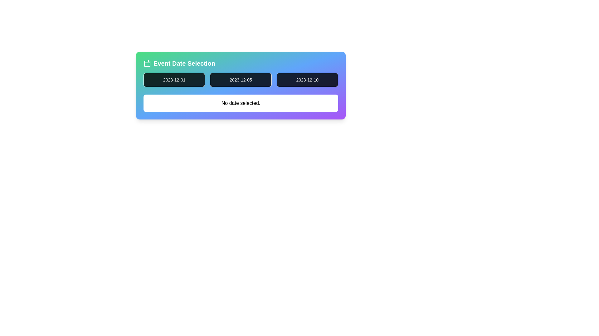 The image size is (599, 336). What do you see at coordinates (307, 80) in the screenshot?
I see `the button displaying '2023-12-10' with a dark background` at bounding box center [307, 80].